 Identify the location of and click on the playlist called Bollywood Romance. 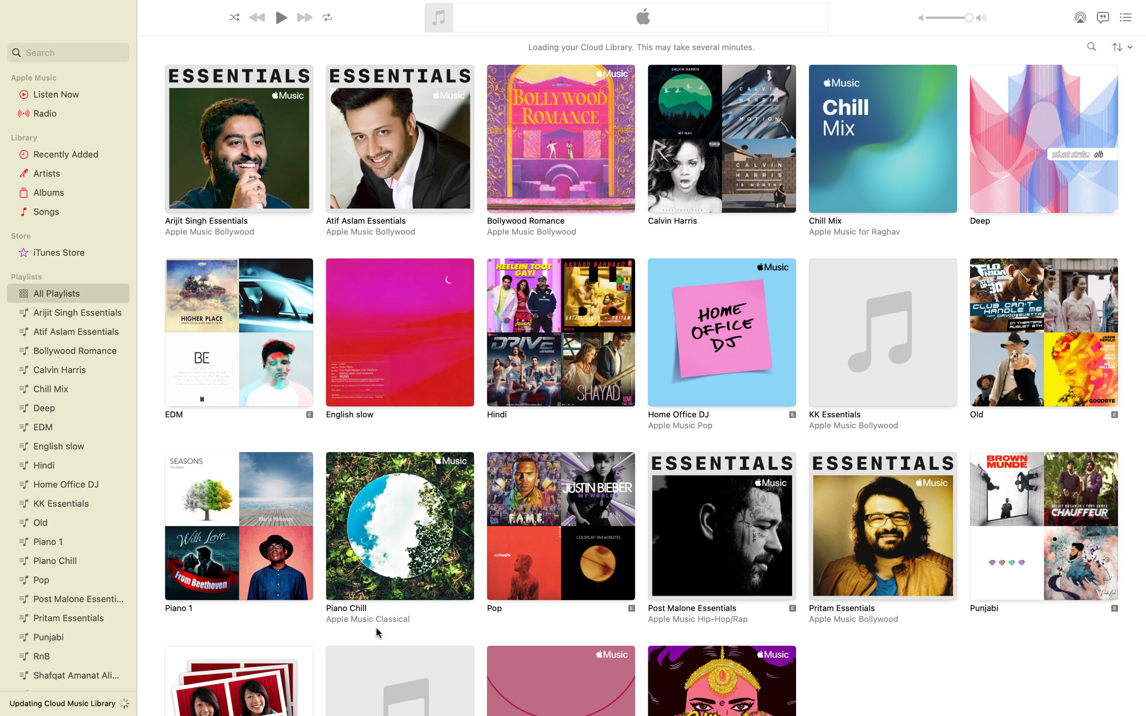
(559, 151).